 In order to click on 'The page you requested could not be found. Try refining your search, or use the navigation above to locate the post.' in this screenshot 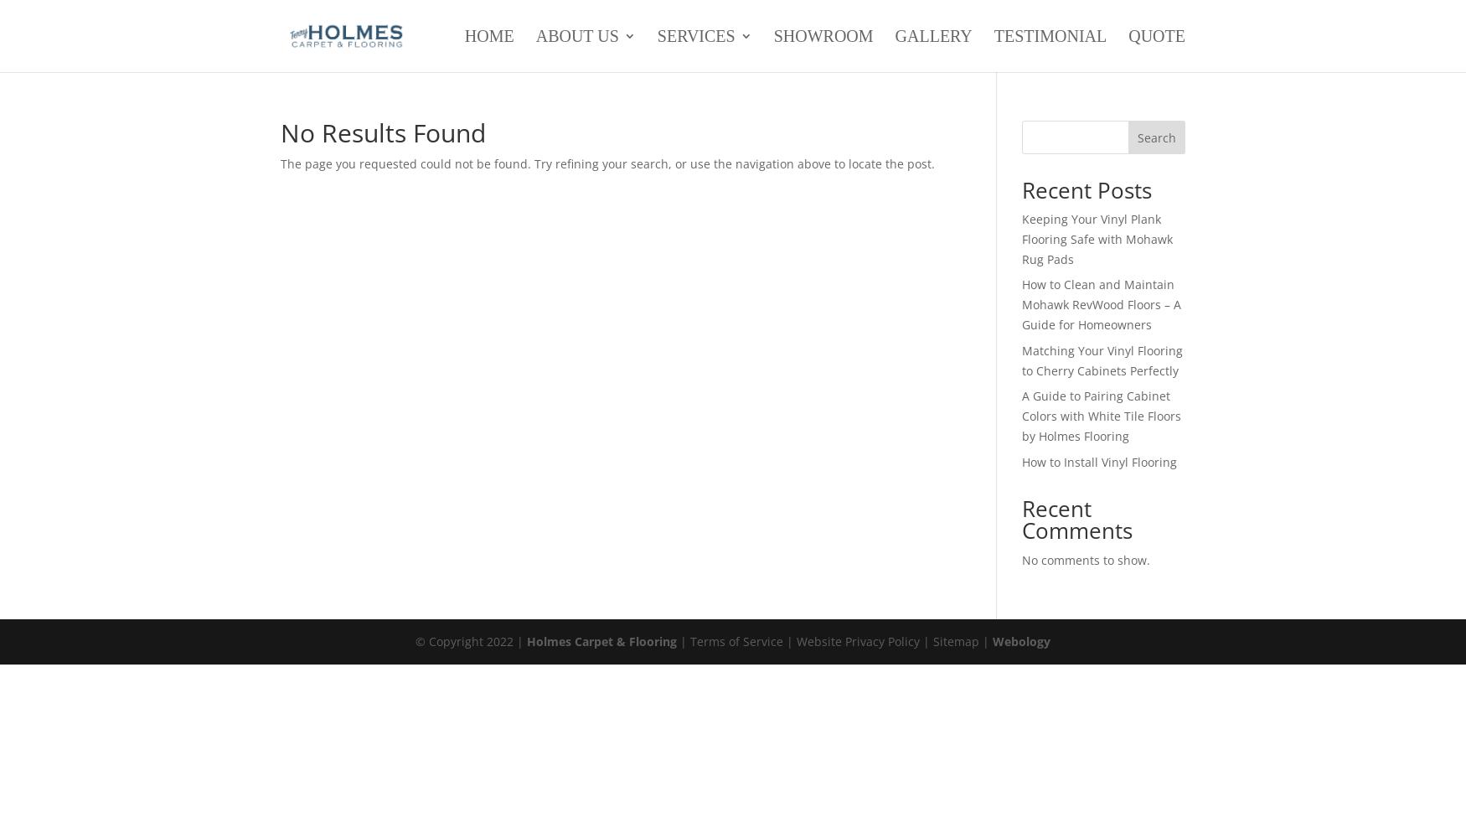, I will do `click(607, 163)`.